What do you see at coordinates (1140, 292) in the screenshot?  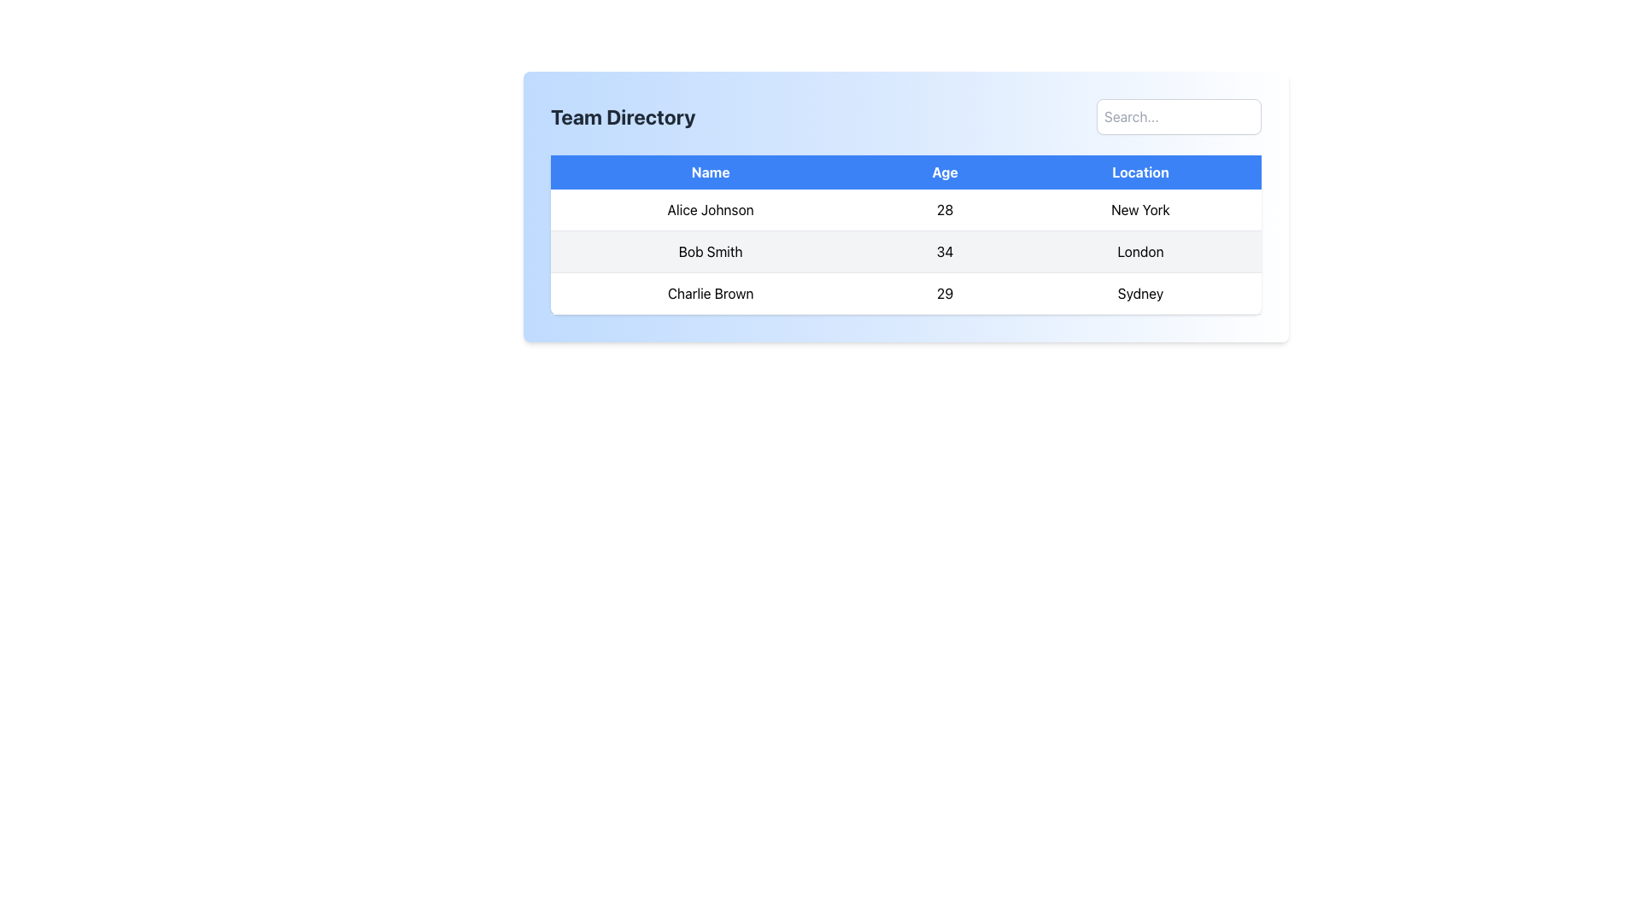 I see `the Text Label that displays the location information 'Sydney', which is in the last column of the third row of the table, below 'New York' and 'London'` at bounding box center [1140, 292].